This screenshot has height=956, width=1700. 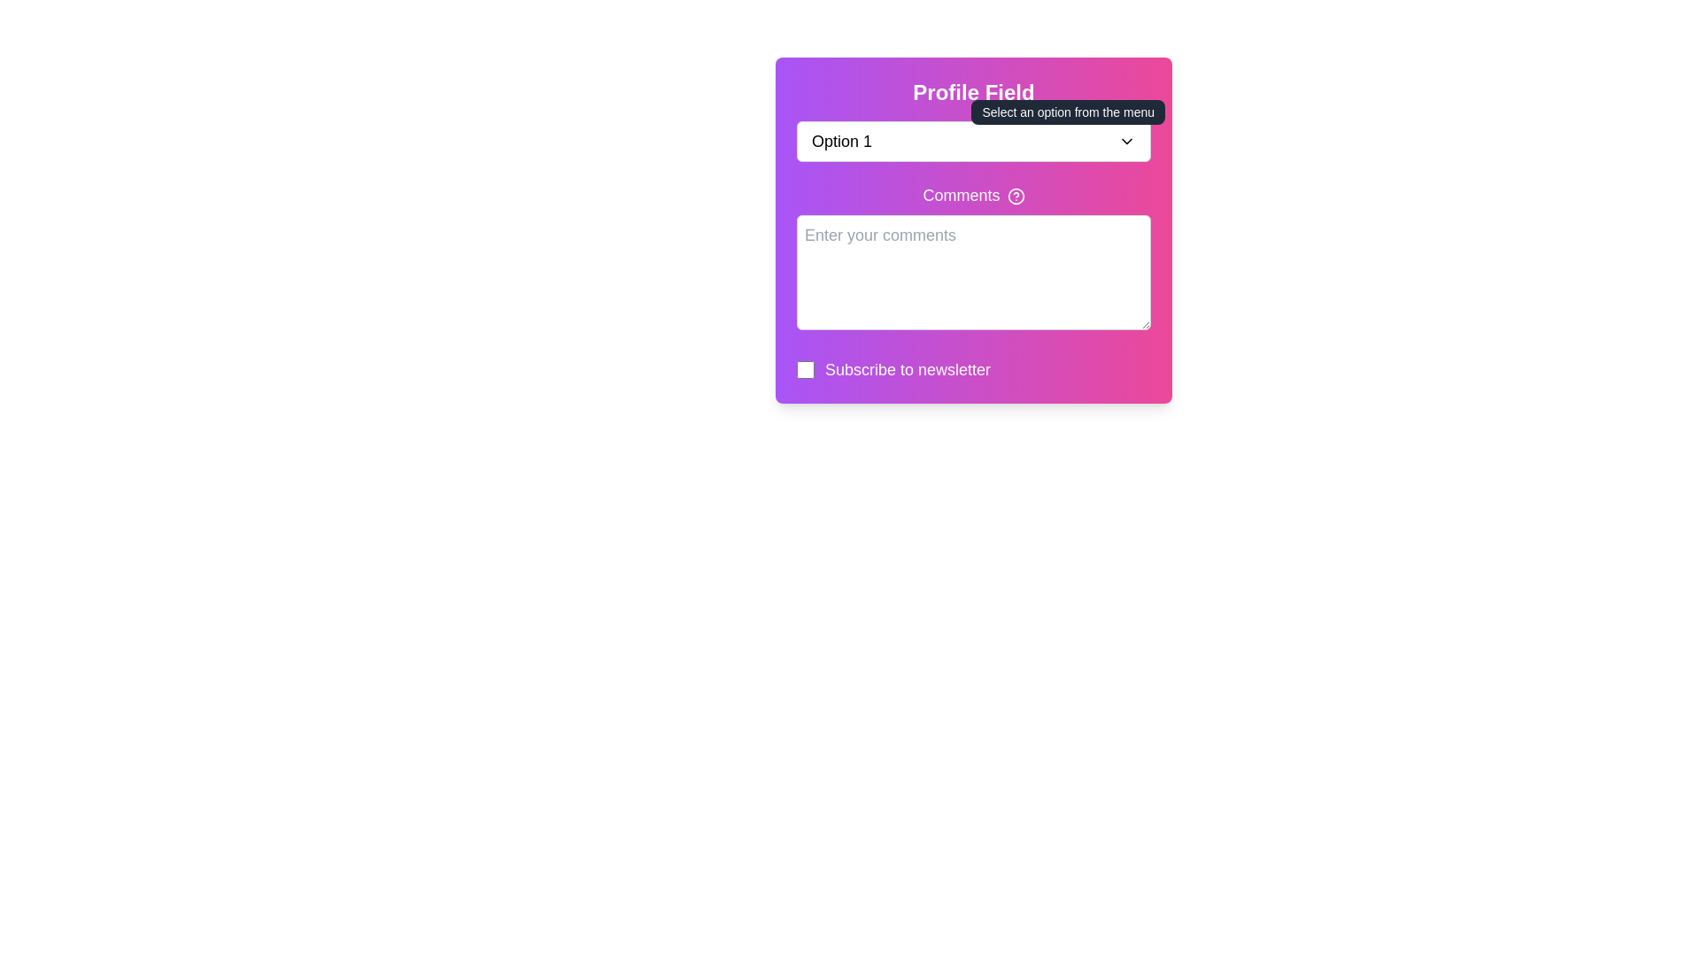 I want to click on the Checkbox for subscribing to the newsletter, located below the 'Comments' text area, so click(x=972, y=368).